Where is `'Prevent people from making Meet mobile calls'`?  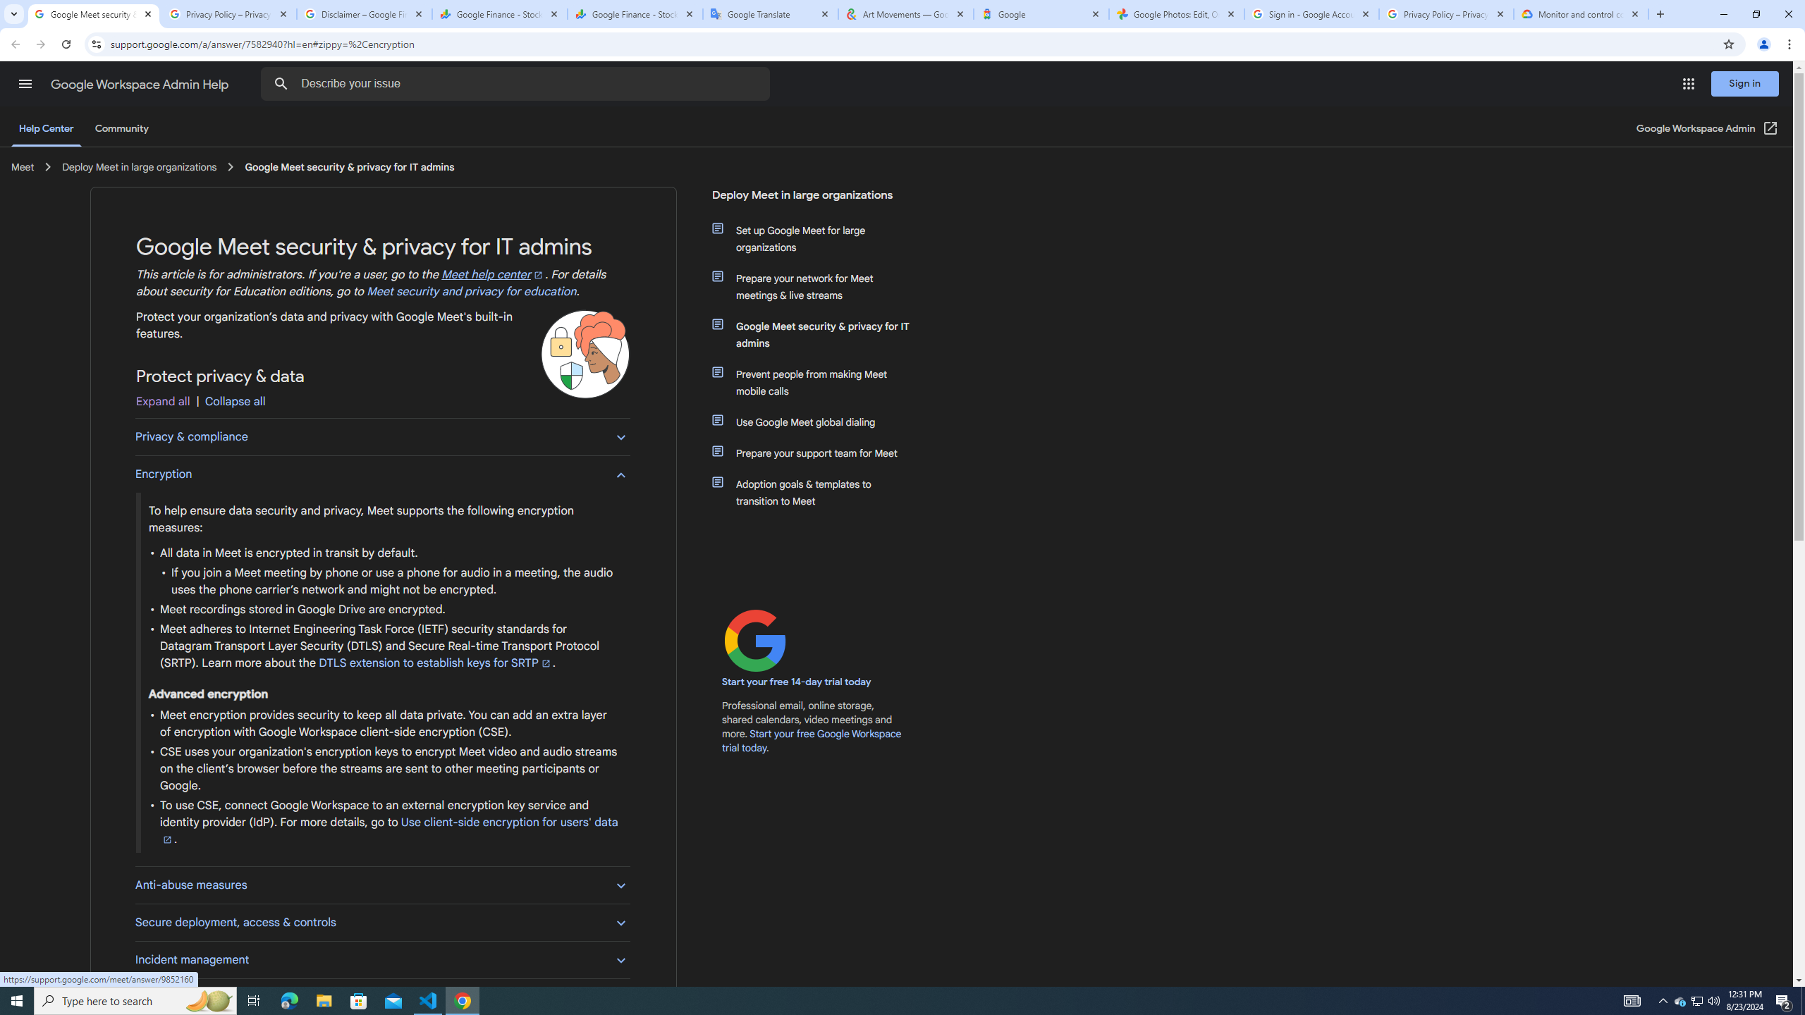
'Prevent people from making Meet mobile calls' is located at coordinates (819, 381).